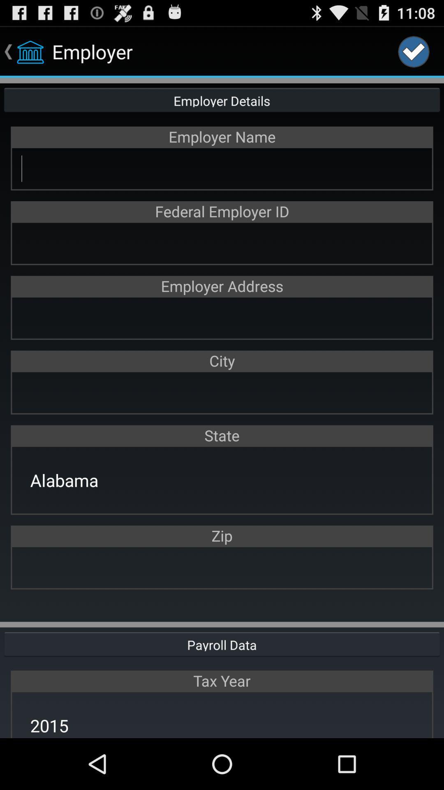 The height and width of the screenshot is (790, 444). What do you see at coordinates (222, 392) in the screenshot?
I see `text in the city field` at bounding box center [222, 392].